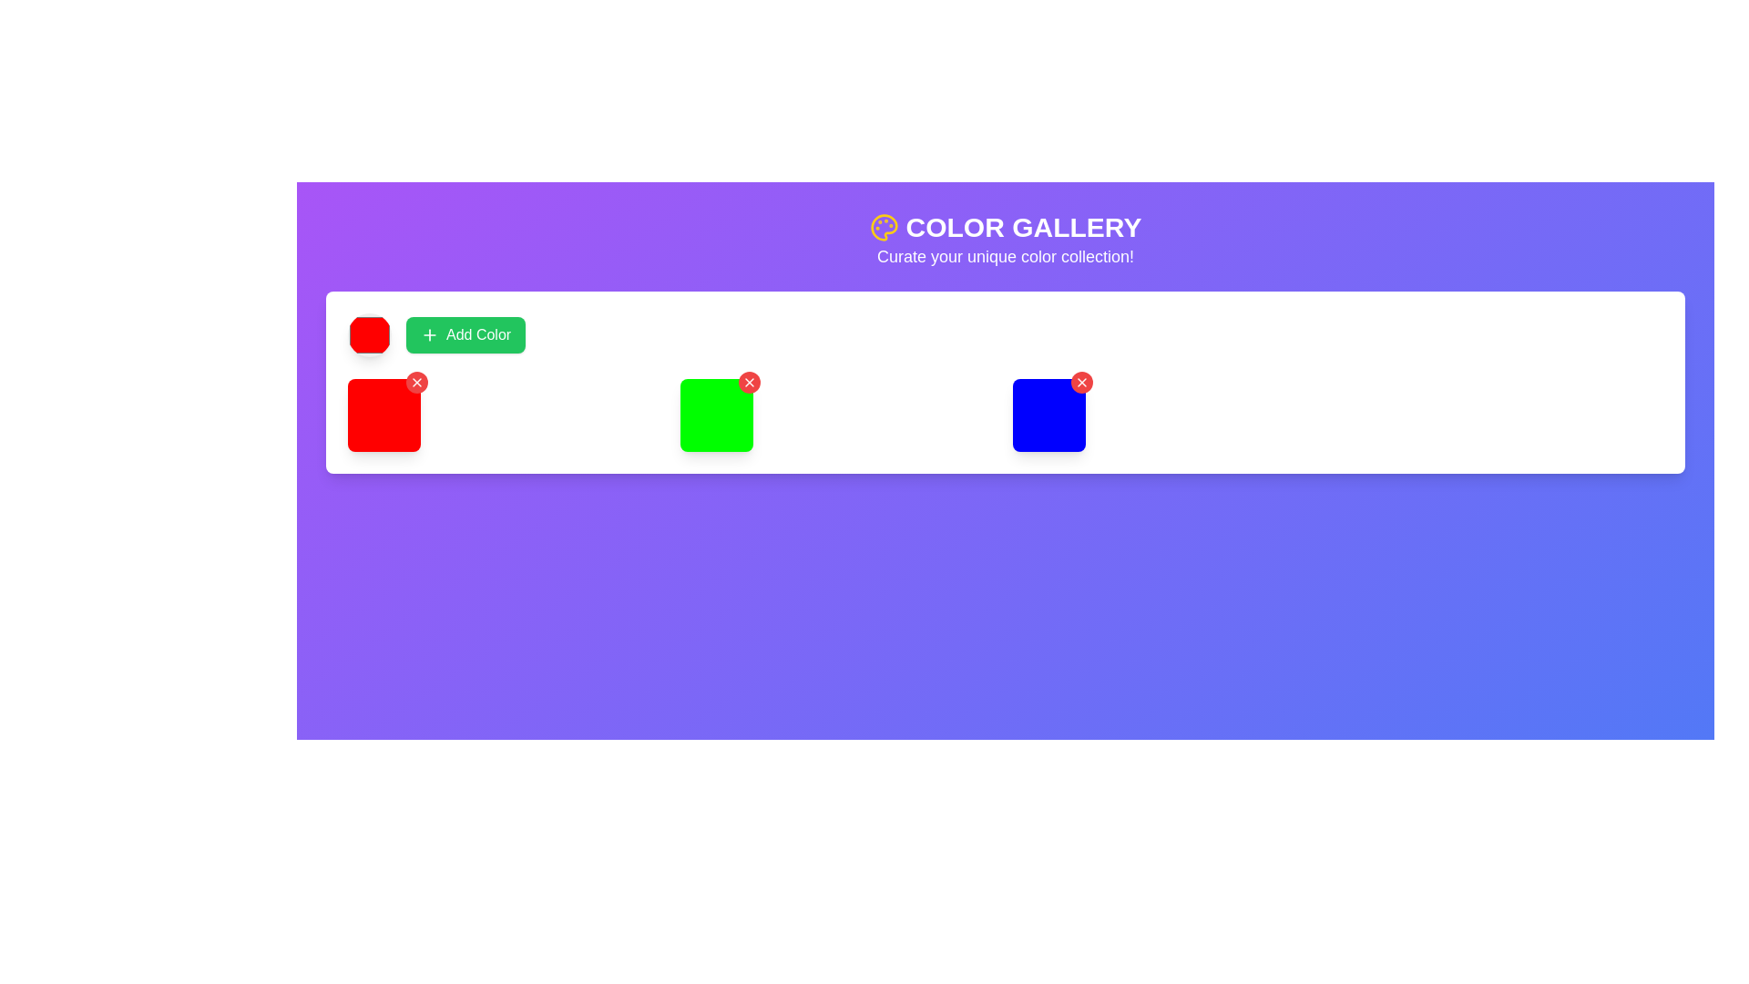 The height and width of the screenshot is (984, 1749). Describe the element at coordinates (1005, 256) in the screenshot. I see `the static text caption that reads 'Curate your unique color collection!' which is styled with a large font size and is located below the 'COLOR GALLERY' heading` at that location.